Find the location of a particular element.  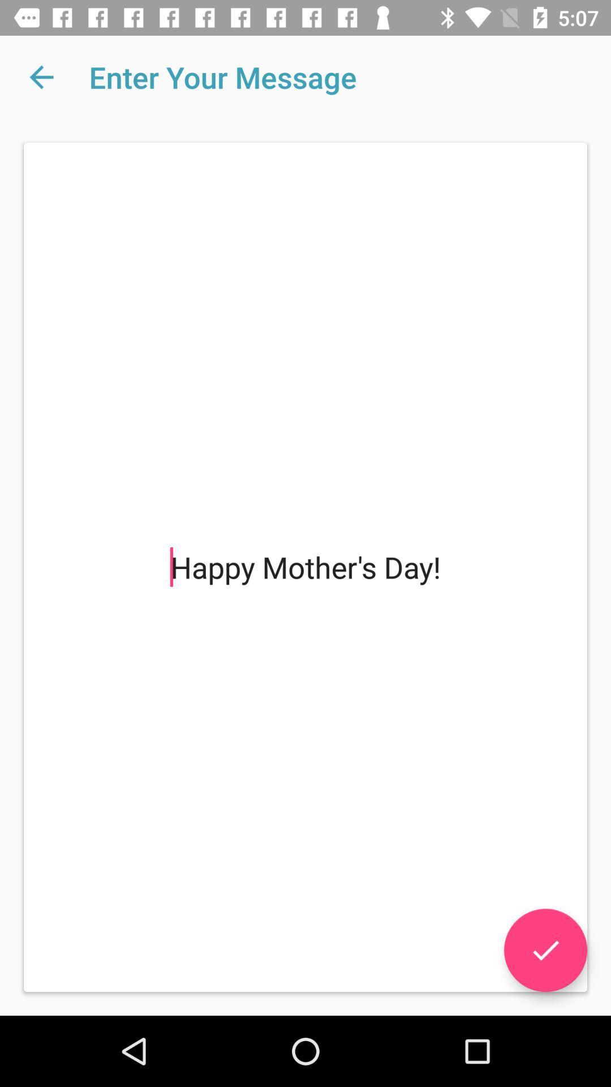

the check icon is located at coordinates (545, 950).